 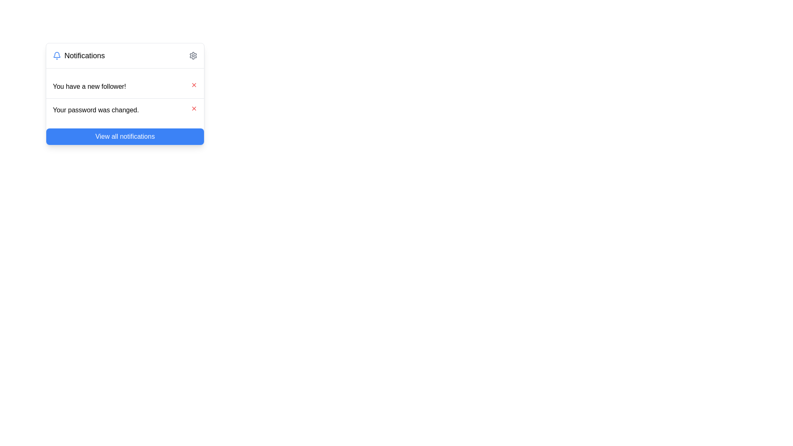 I want to click on the icon button located at the far-right end of the second-line item in the notification list, so click(x=194, y=108).